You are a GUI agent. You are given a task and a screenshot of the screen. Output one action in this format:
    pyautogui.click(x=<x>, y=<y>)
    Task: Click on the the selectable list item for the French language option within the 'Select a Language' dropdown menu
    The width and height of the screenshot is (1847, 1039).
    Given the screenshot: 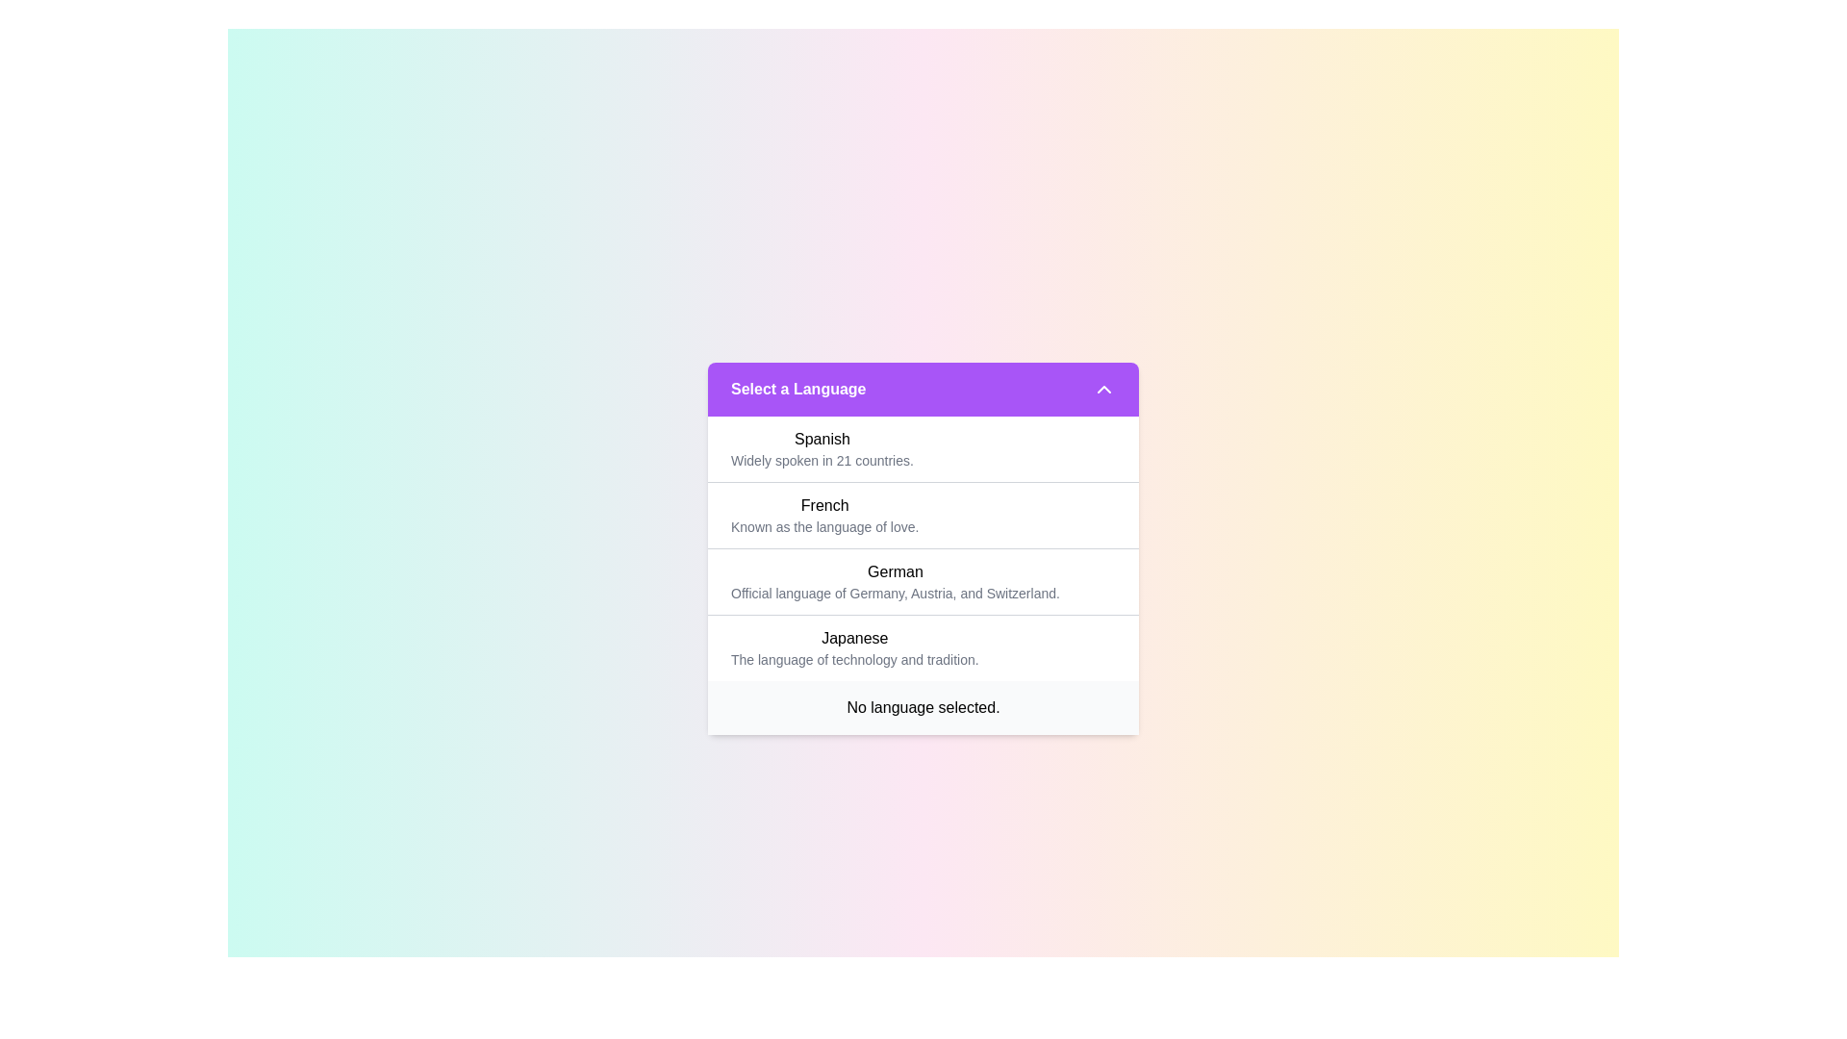 What is the action you would take?
    pyautogui.click(x=824, y=514)
    